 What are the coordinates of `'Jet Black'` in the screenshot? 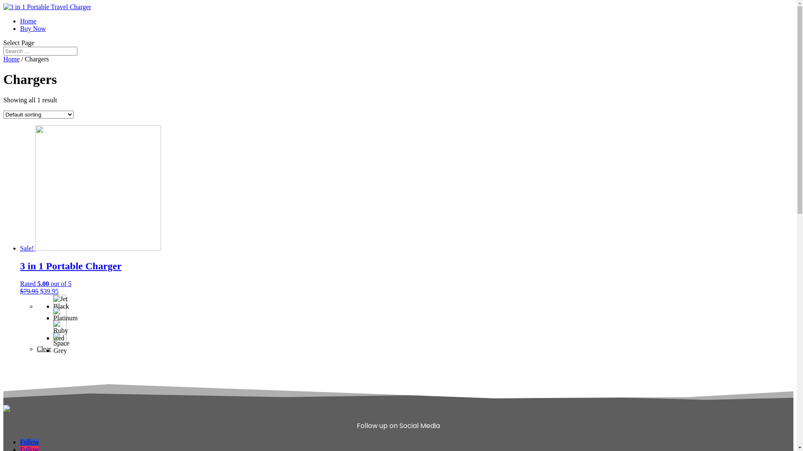 It's located at (59, 301).